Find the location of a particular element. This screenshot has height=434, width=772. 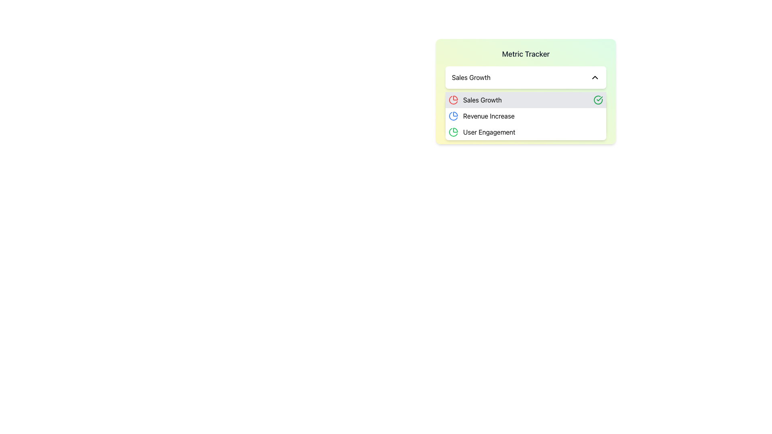

the icon indicating the active or selected status within the 'Sales Growth' dropdown menu under the Metric Tracker section is located at coordinates (600, 98).